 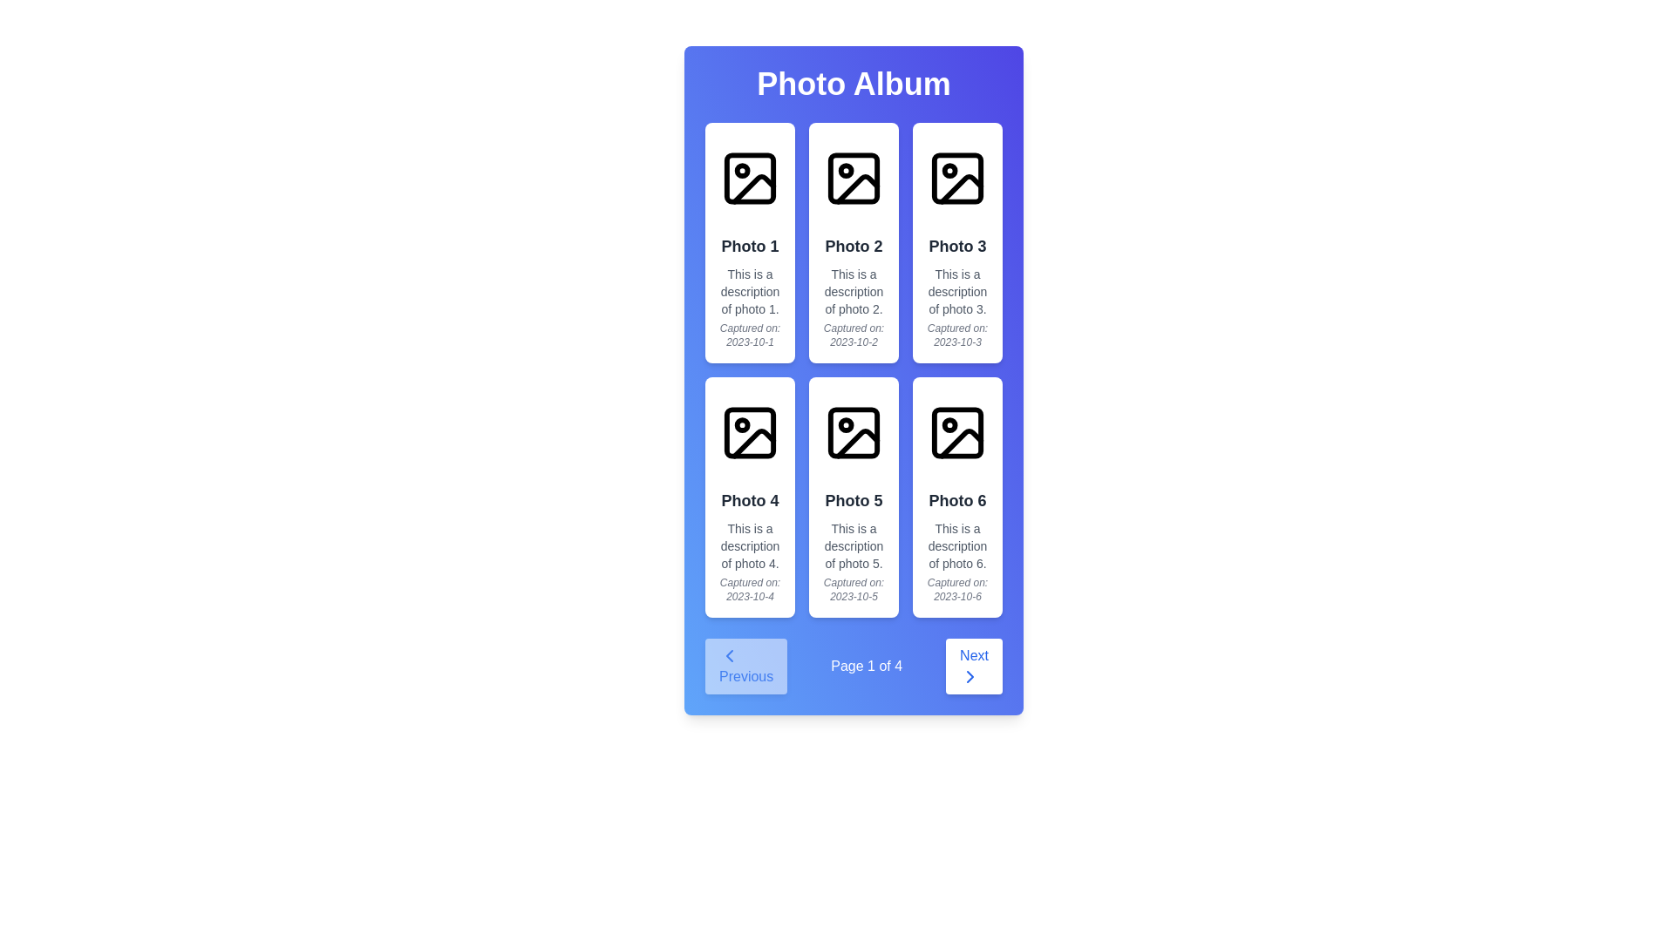 I want to click on the top-right card in the gallery, so click(x=956, y=242).